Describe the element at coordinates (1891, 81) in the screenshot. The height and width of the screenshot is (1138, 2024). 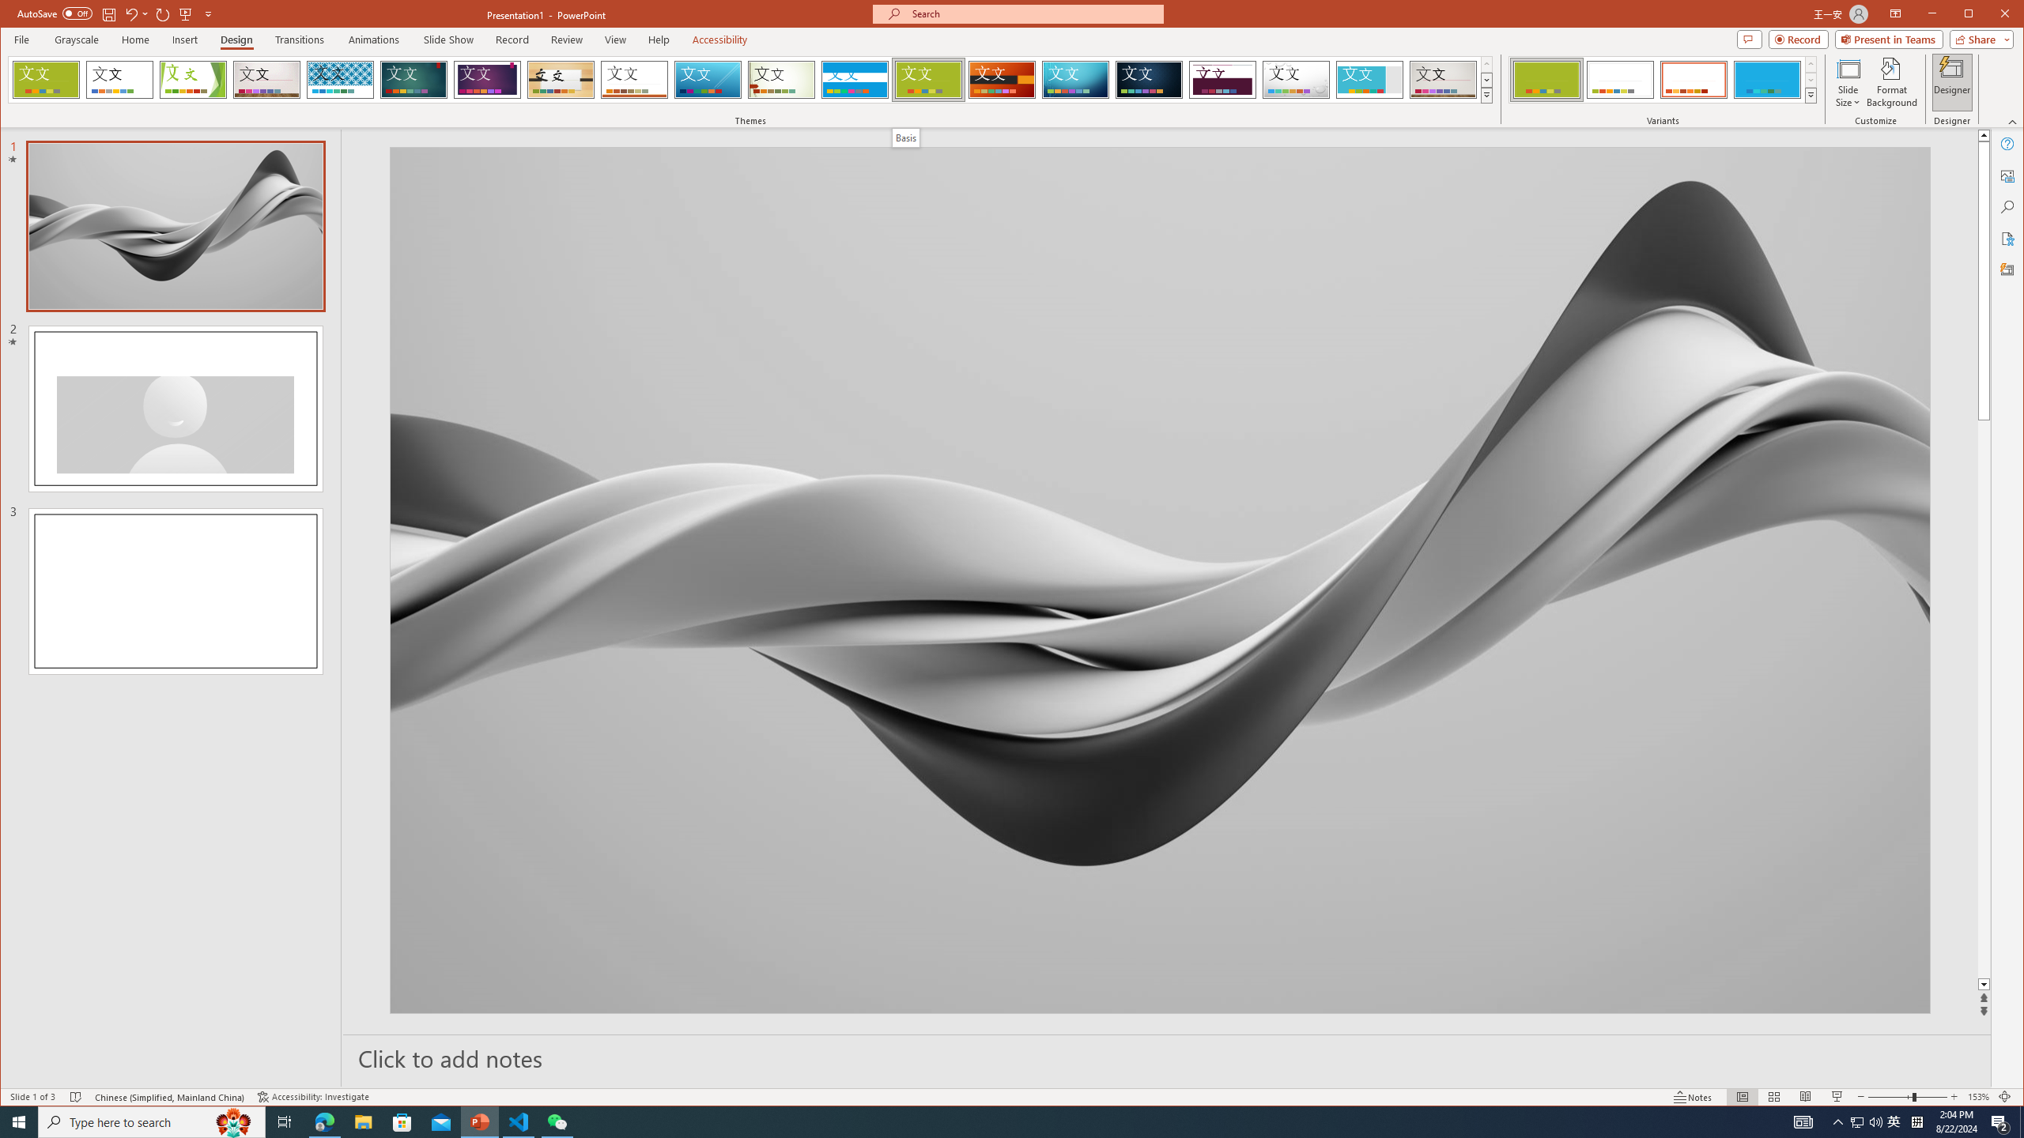
I see `'Format Background'` at that location.